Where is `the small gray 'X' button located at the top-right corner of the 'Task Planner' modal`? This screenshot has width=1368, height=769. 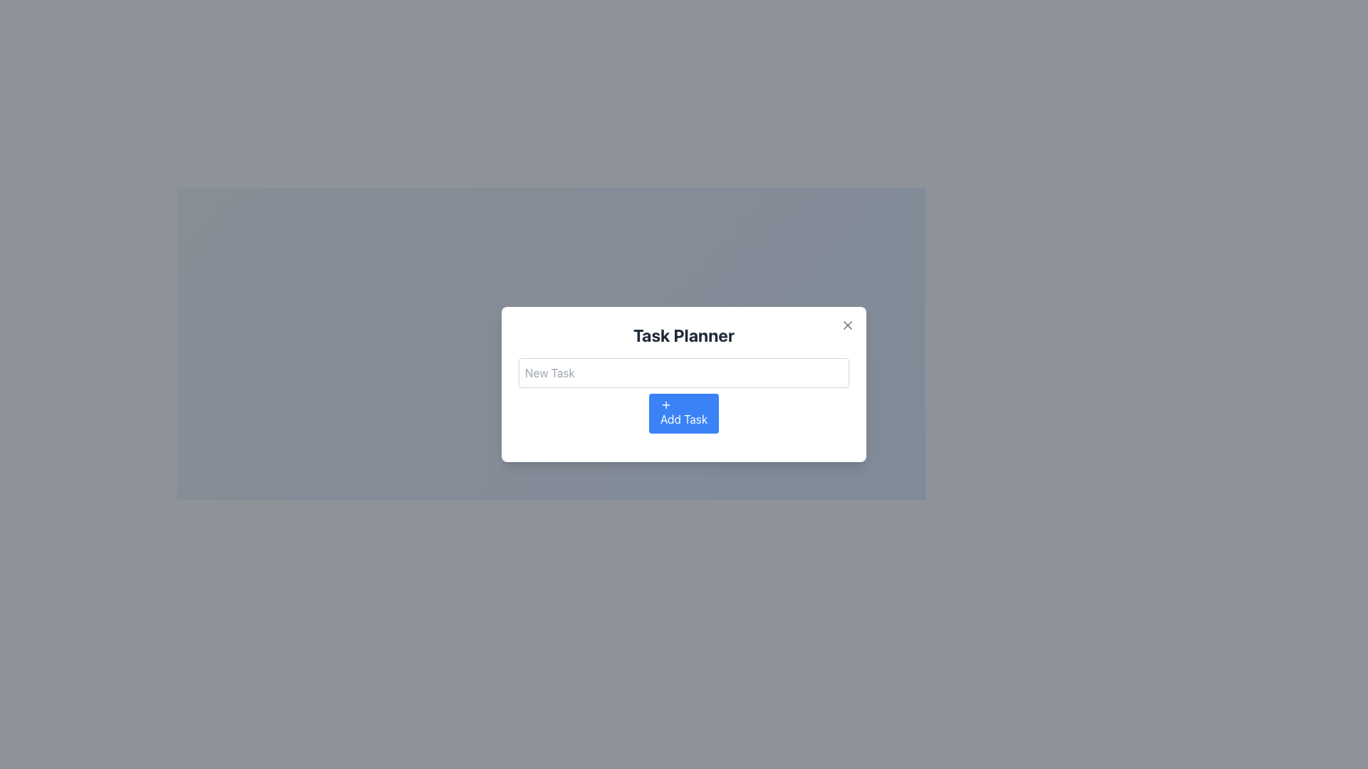 the small gray 'X' button located at the top-right corner of the 'Task Planner' modal is located at coordinates (848, 325).